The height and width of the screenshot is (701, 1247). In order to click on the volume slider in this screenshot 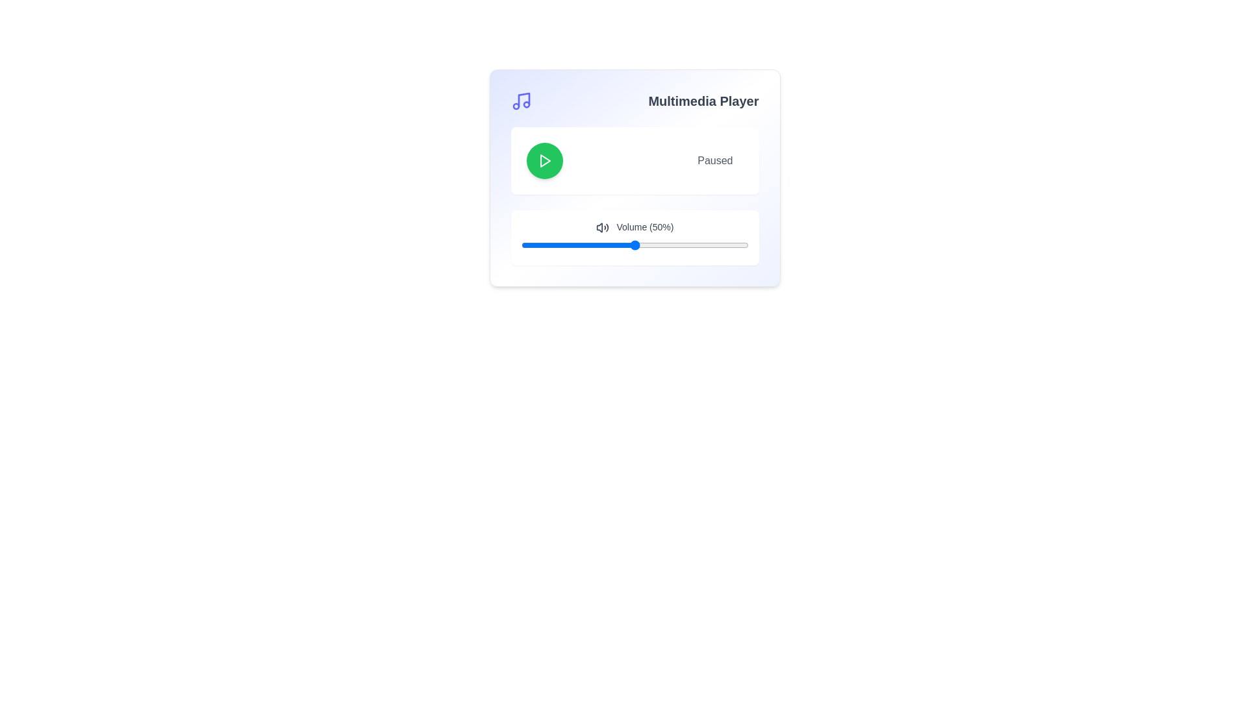, I will do `click(551, 245)`.